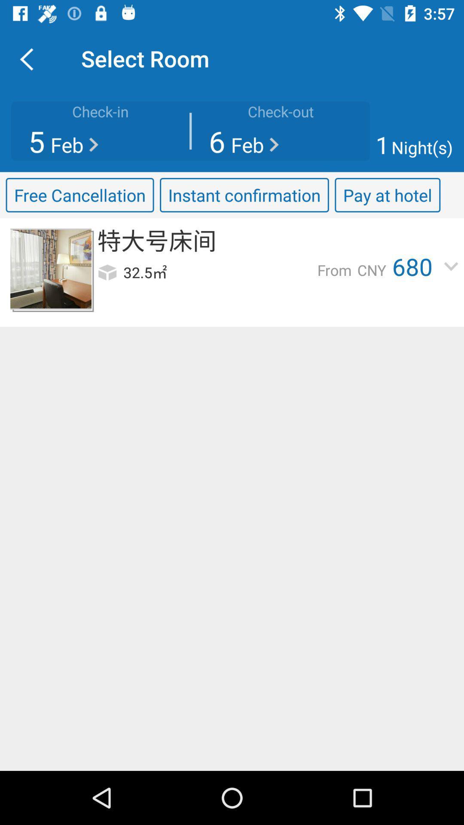 This screenshot has width=464, height=825. I want to click on a thumbnail that takes you to the room listing, so click(51, 269).